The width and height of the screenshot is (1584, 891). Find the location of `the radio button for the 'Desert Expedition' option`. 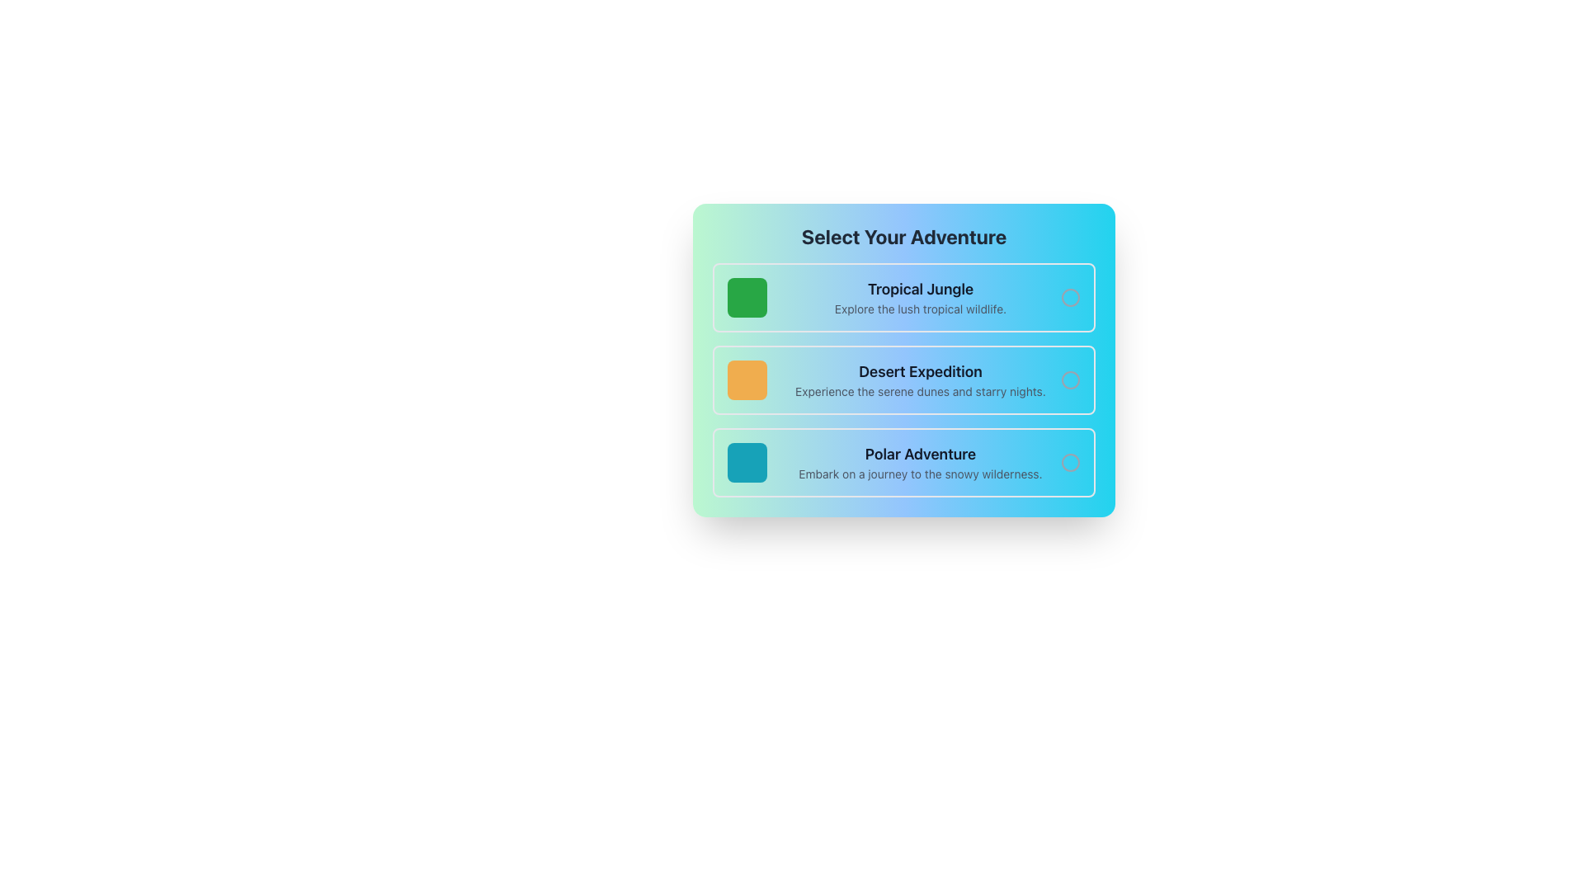

the radio button for the 'Desert Expedition' option is located at coordinates (1070, 380).